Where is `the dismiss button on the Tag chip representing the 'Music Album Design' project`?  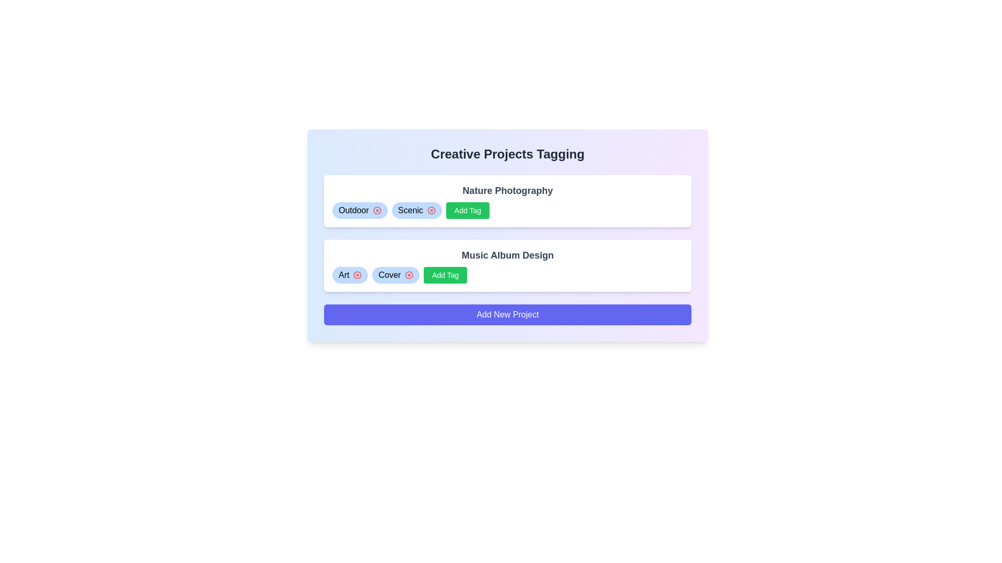 the dismiss button on the Tag chip representing the 'Music Album Design' project is located at coordinates (350, 275).